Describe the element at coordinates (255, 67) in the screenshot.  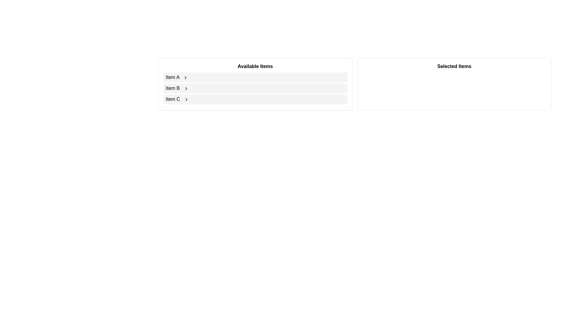
I see `the header text element located in the bordered box on the left side, which categorizes the items 'Item A,' 'Item B,' and 'Item C.'` at that location.